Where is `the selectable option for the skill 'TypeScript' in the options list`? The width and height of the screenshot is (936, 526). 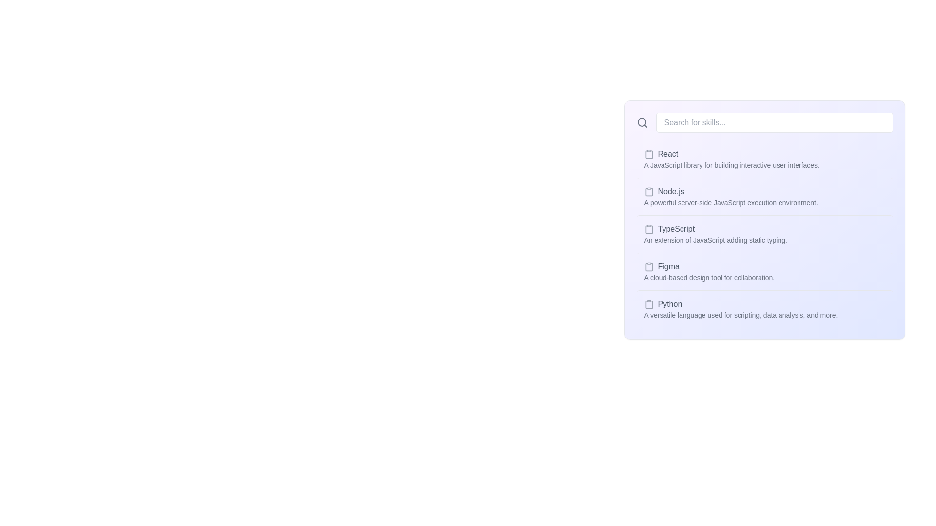 the selectable option for the skill 'TypeScript' in the options list is located at coordinates (764, 234).